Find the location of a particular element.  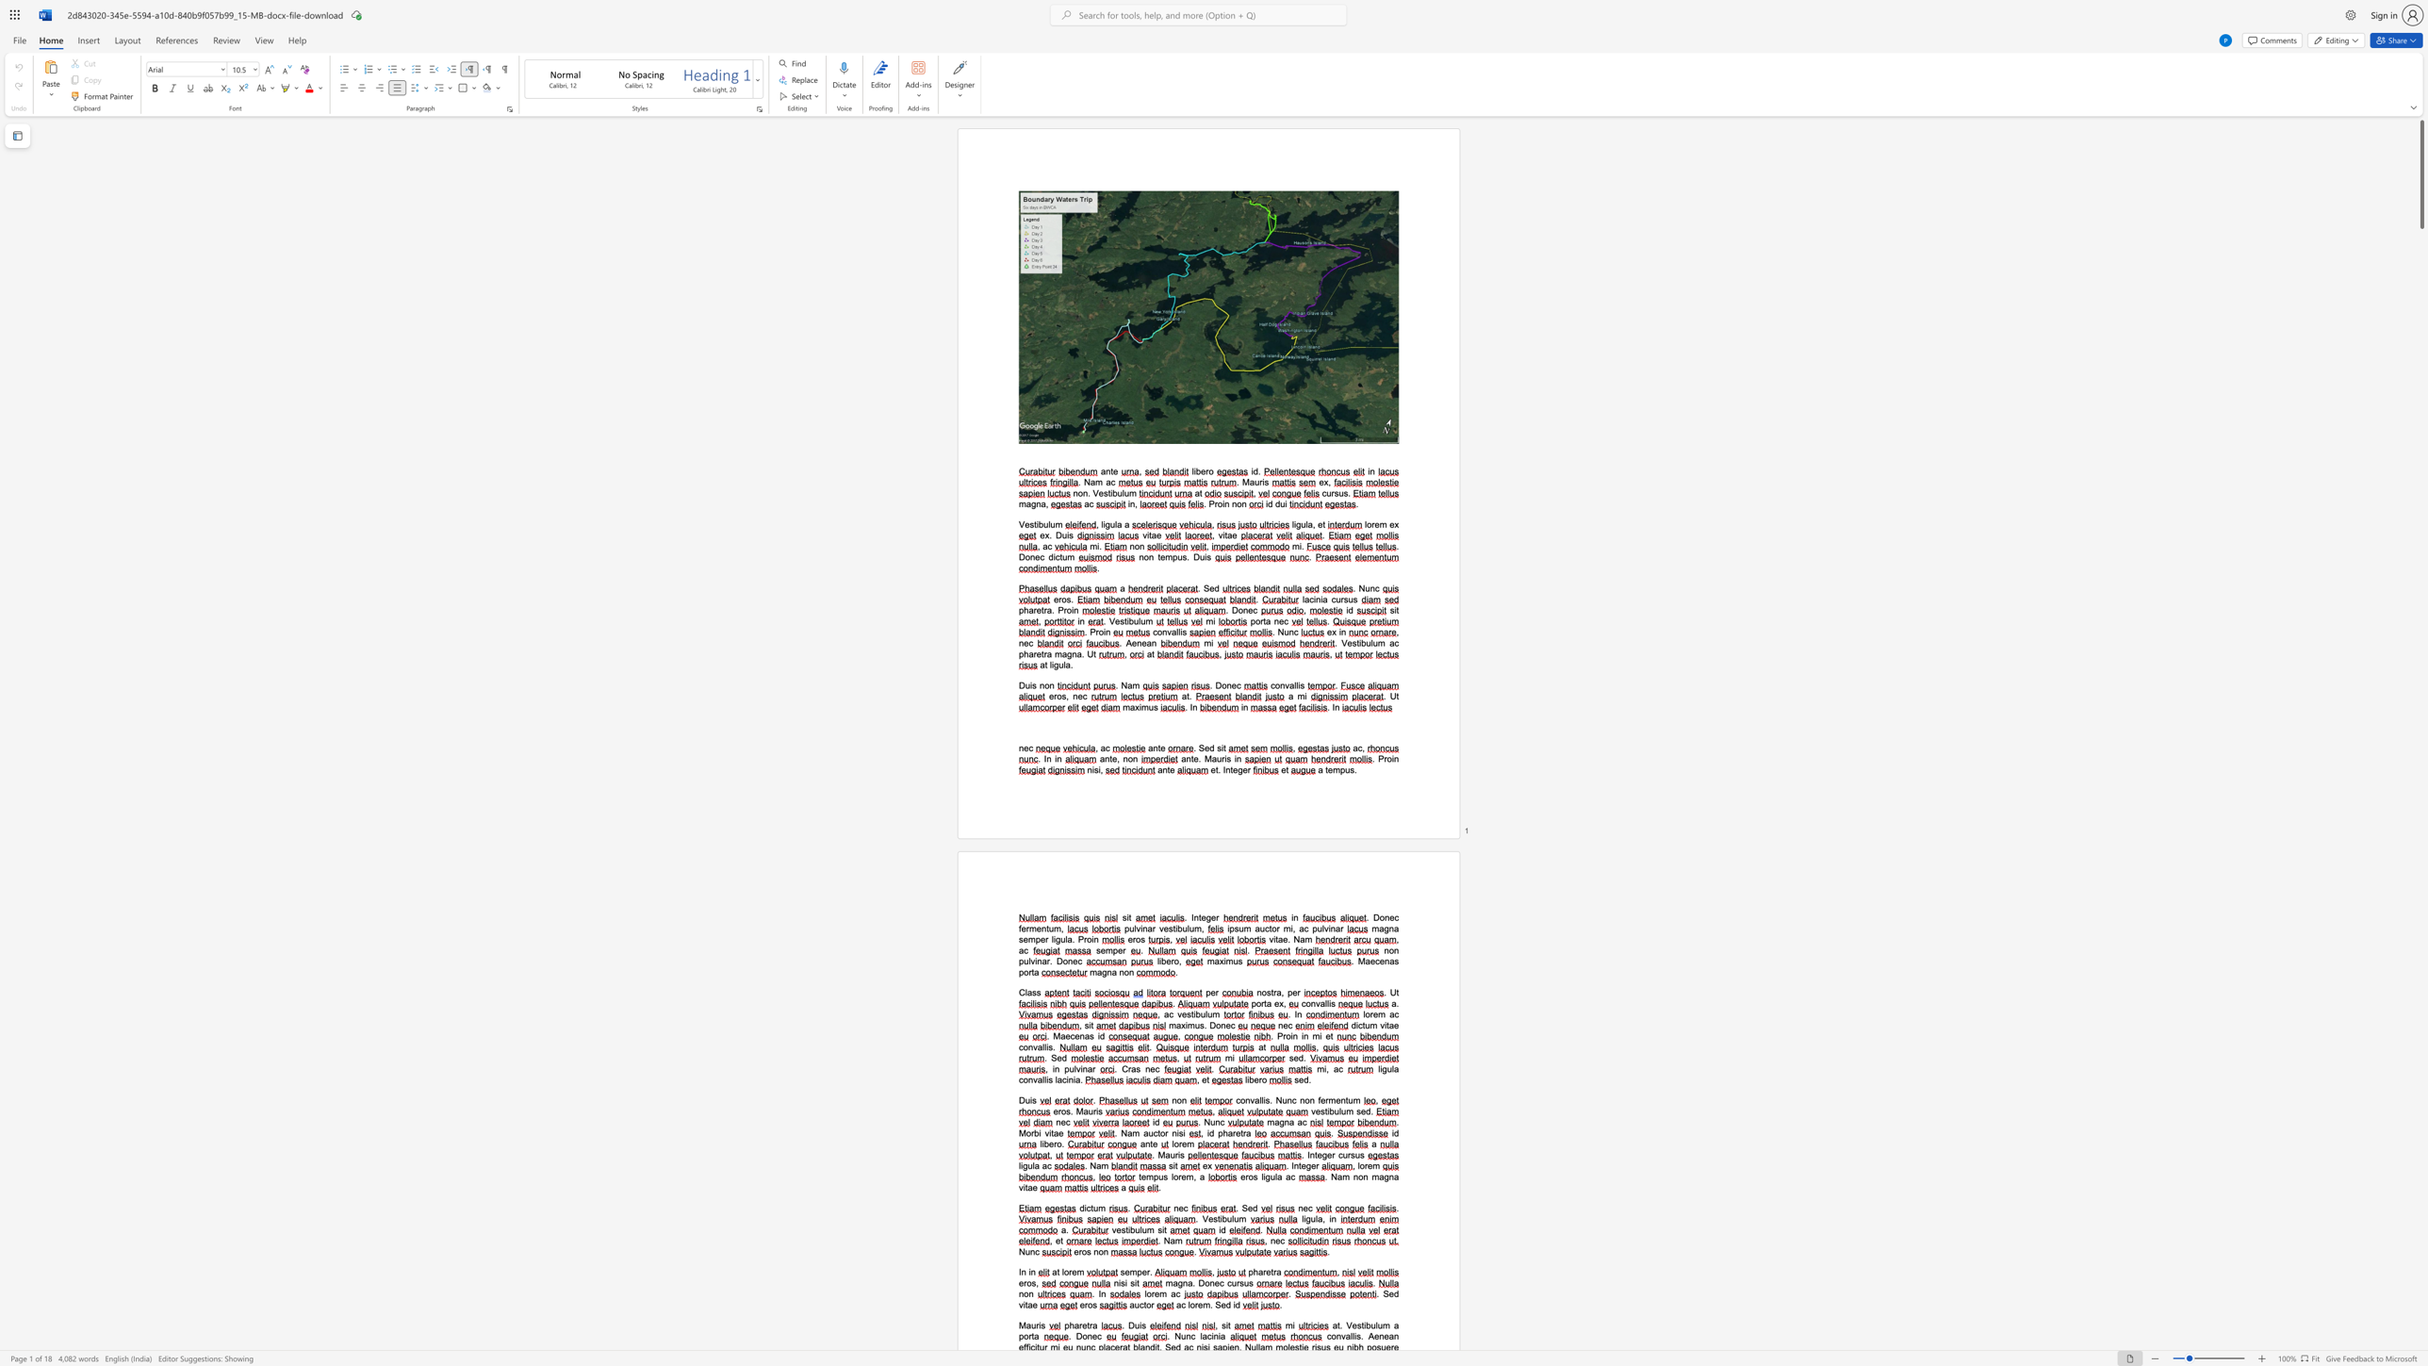

the space between the continuous character "c" and "e" in the text is located at coordinates (1378, 960).